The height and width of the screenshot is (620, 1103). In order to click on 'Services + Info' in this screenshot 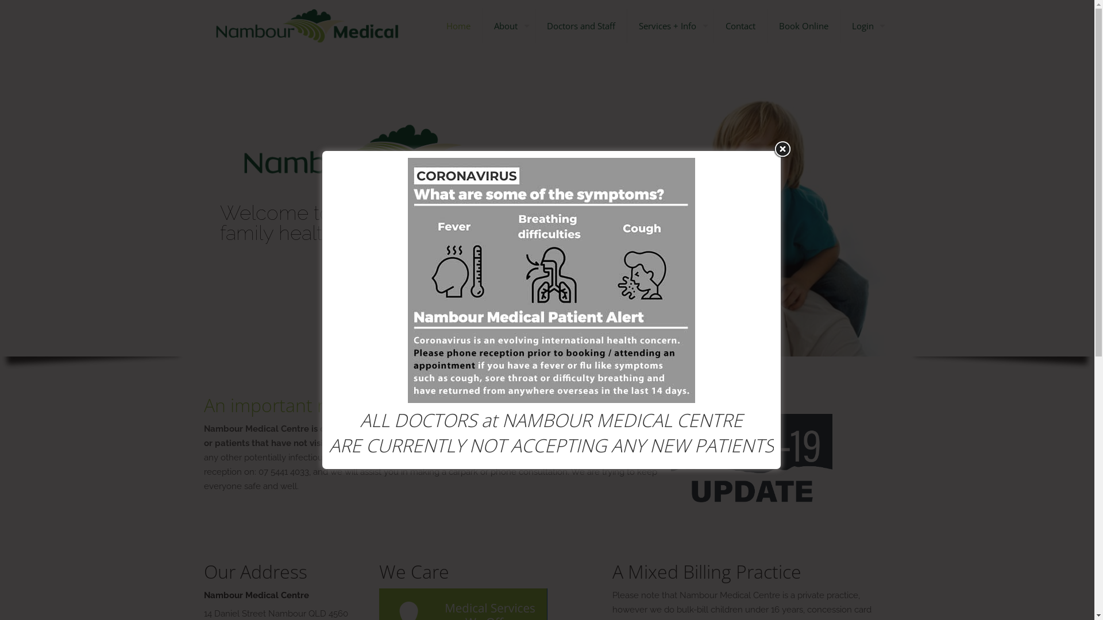, I will do `click(670, 26)`.